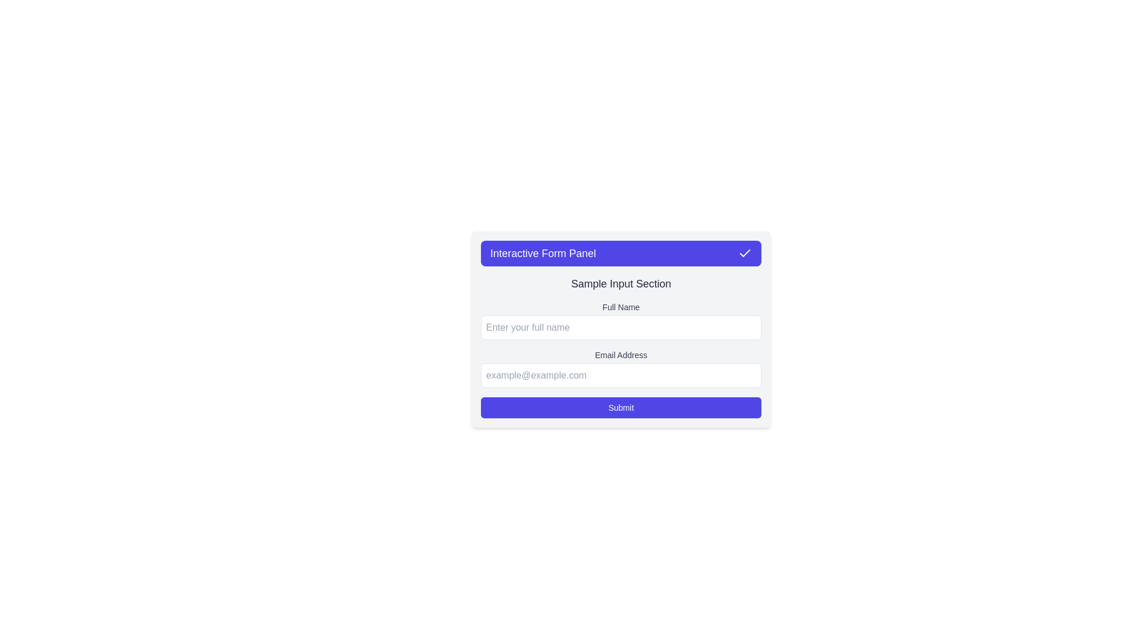 The width and height of the screenshot is (1122, 631). What do you see at coordinates (620, 407) in the screenshot?
I see `the submission button located at the bottom of the 'Sample Input Section' form` at bounding box center [620, 407].